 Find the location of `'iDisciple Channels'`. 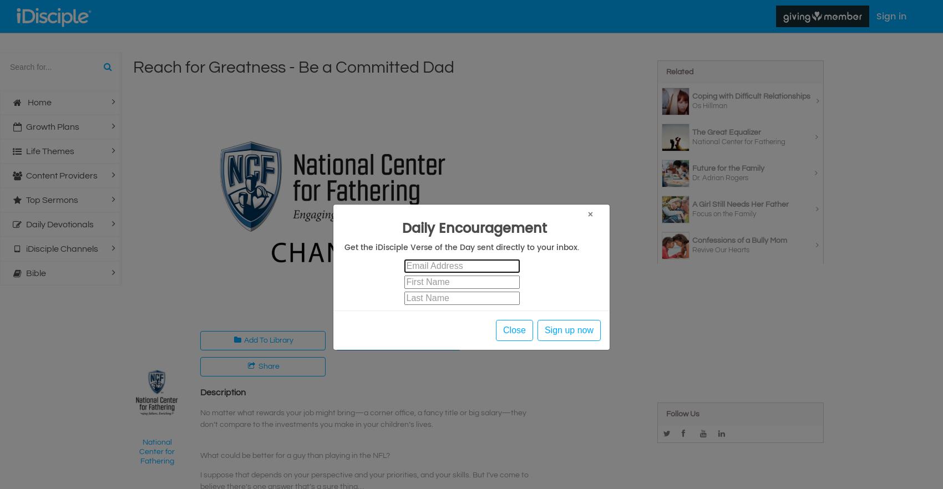

'iDisciple Channels' is located at coordinates (26, 249).